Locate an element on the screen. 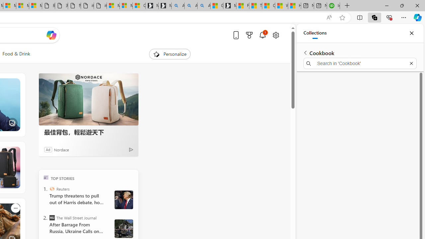 The image size is (425, 239). 'Food & Drink' is located at coordinates (16, 54).